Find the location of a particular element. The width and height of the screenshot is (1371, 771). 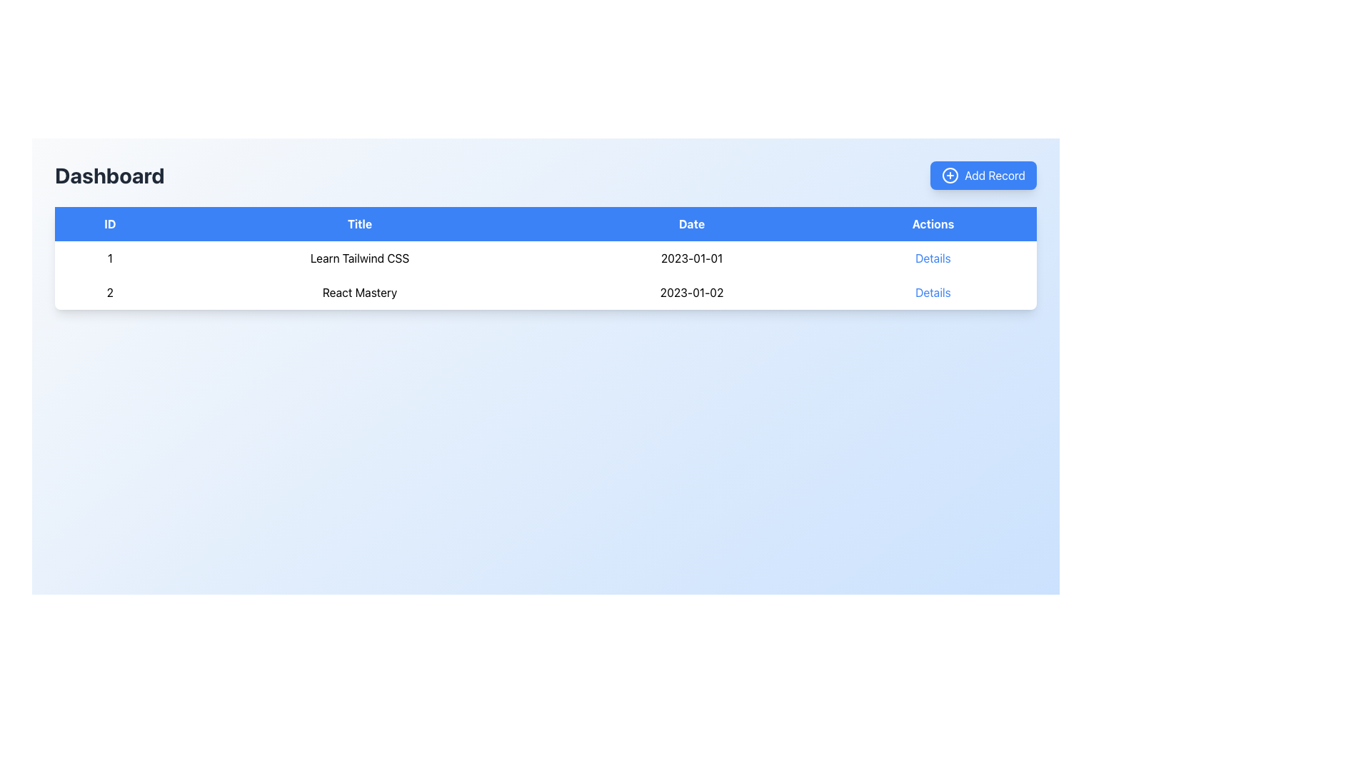

the blue hyperlink labeled 'Details' located in the 'Actions' column of the second row of the data table is located at coordinates (933, 291).